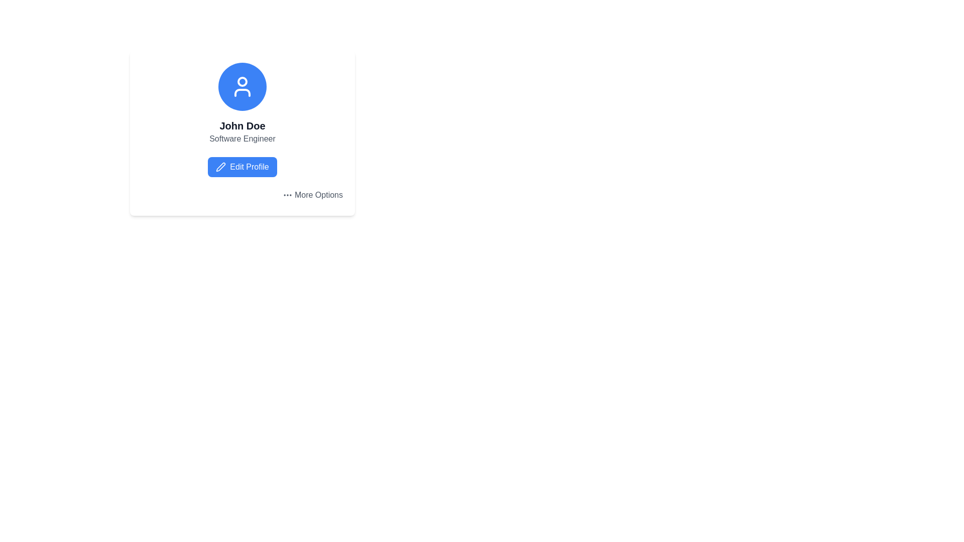 This screenshot has width=964, height=542. I want to click on the icon indicating the editable nature of the profile functionality, which is located to the left of the 'Edit Profile' button text, so click(220, 166).